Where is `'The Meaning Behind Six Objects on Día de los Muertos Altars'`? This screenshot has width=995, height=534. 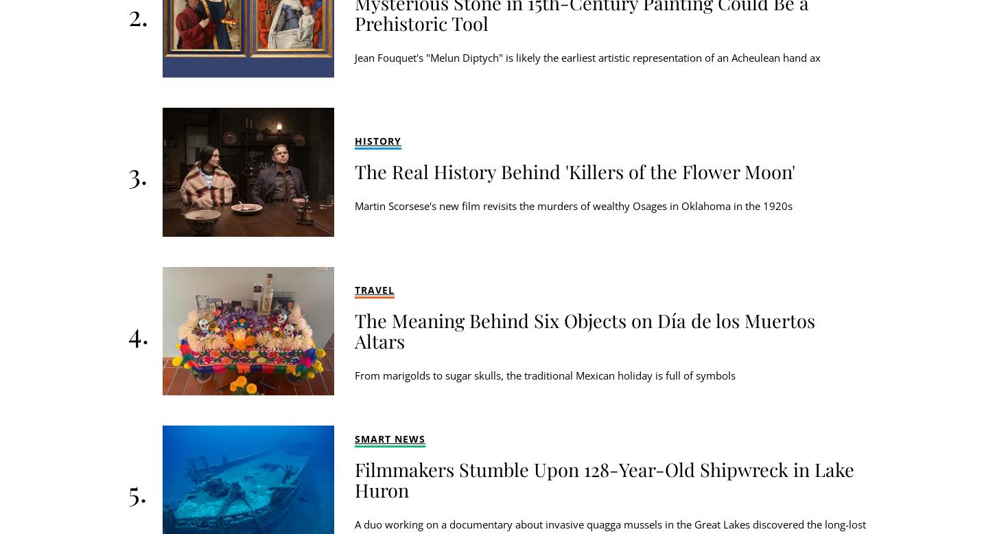 'The Meaning Behind Six Objects on Día de los Muertos Altars' is located at coordinates (584, 329).